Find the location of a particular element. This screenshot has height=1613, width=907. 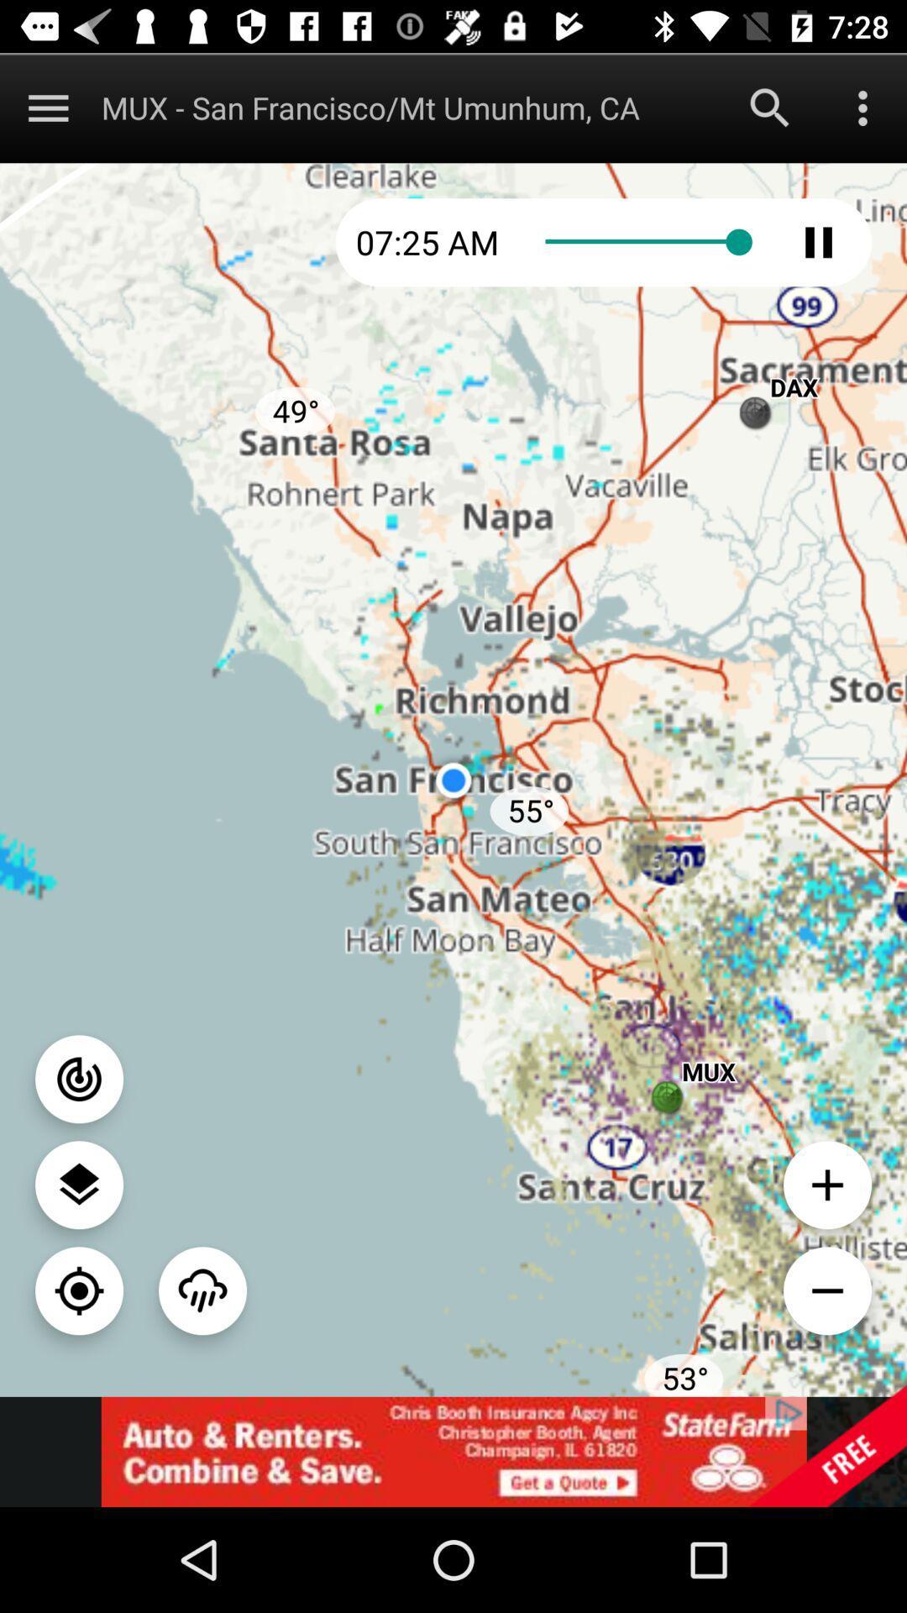

setting button is located at coordinates (862, 107).